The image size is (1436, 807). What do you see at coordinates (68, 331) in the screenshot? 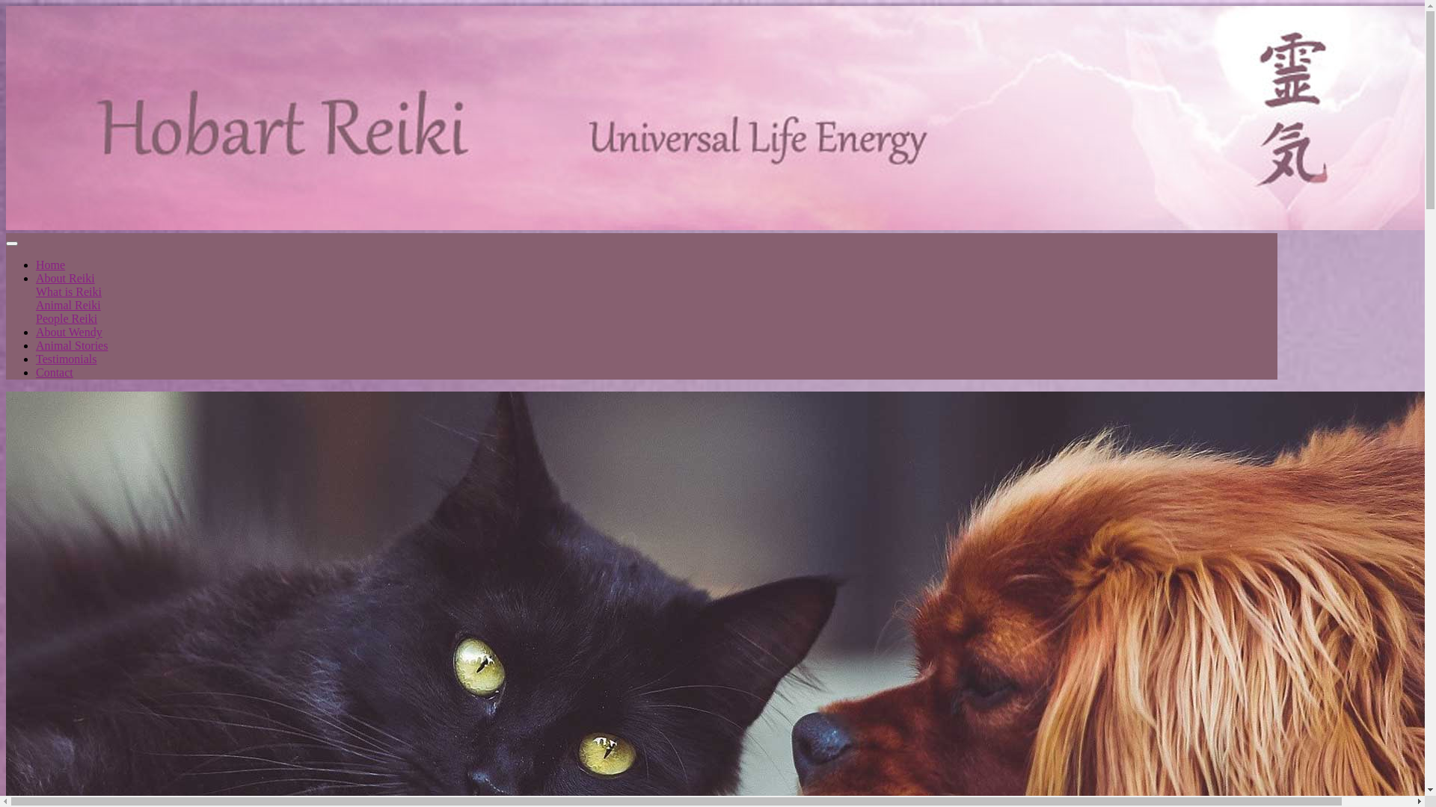
I see `'About Wendy'` at bounding box center [68, 331].